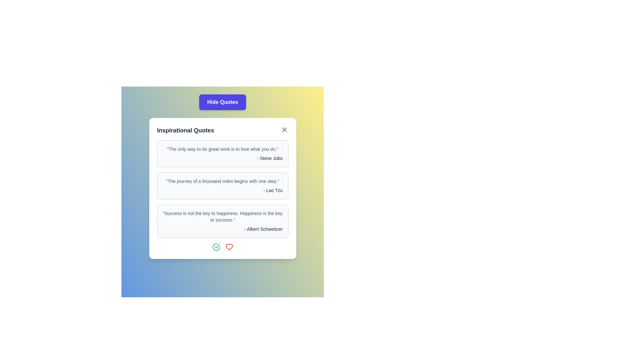 This screenshot has height=354, width=630. I want to click on the heart-shaped icon located at the bottom of the centered modal dialog, so click(229, 247).